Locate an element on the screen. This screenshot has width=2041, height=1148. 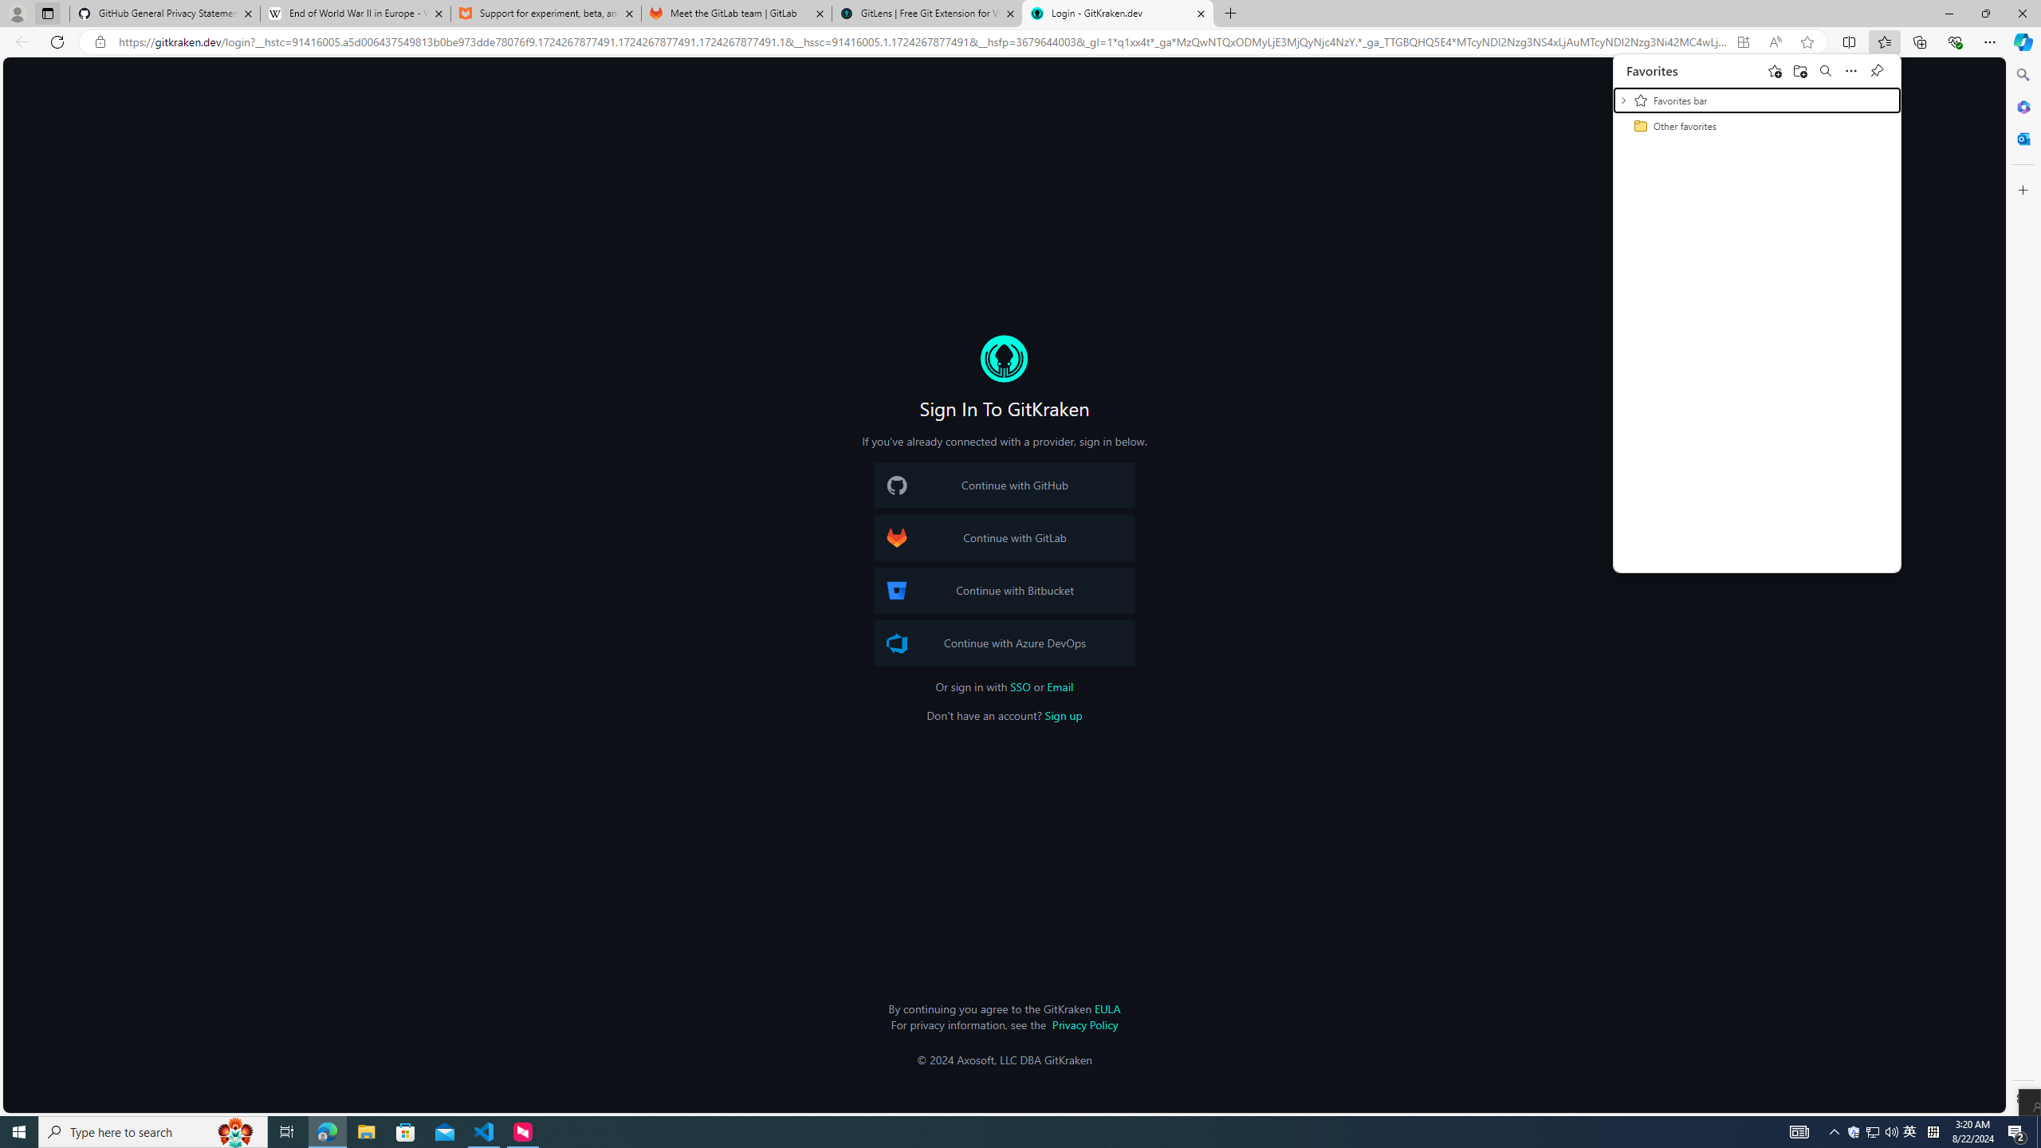
'User Promoted Notification Area' is located at coordinates (1853, 1130).